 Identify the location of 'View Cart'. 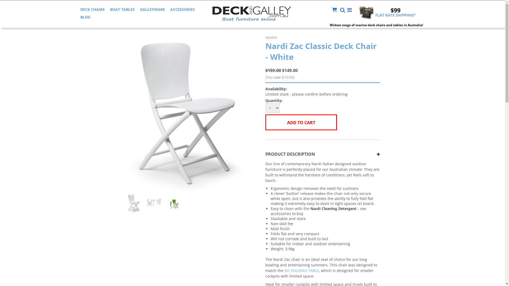
(335, 9).